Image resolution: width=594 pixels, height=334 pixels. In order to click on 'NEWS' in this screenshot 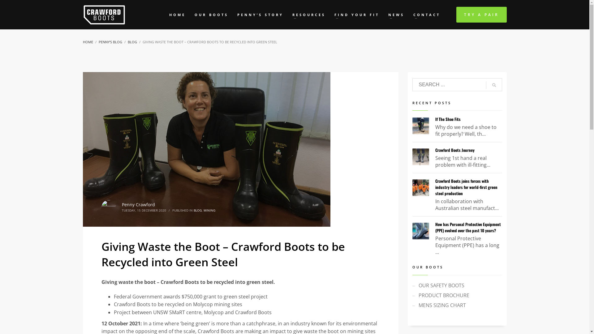, I will do `click(396, 14)`.